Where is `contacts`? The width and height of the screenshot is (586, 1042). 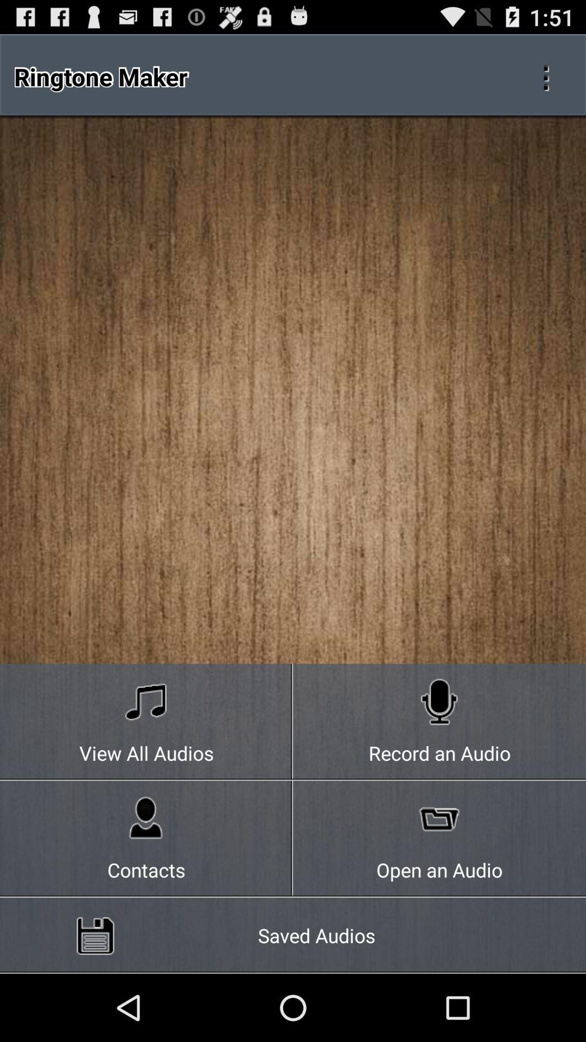
contacts is located at coordinates (146, 838).